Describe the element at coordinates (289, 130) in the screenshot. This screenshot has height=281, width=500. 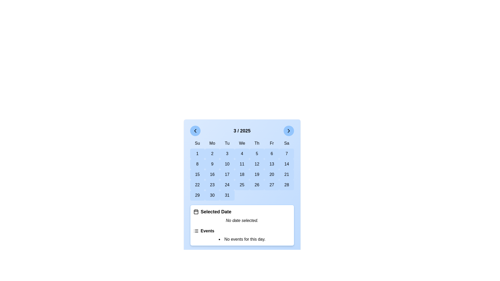
I see `the button located at the top-right corner of the calendar interface` at that location.